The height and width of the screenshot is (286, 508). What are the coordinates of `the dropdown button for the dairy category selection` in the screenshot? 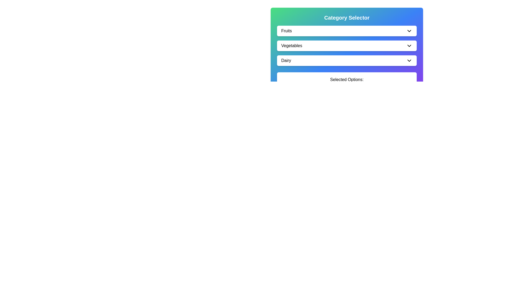 It's located at (347, 60).